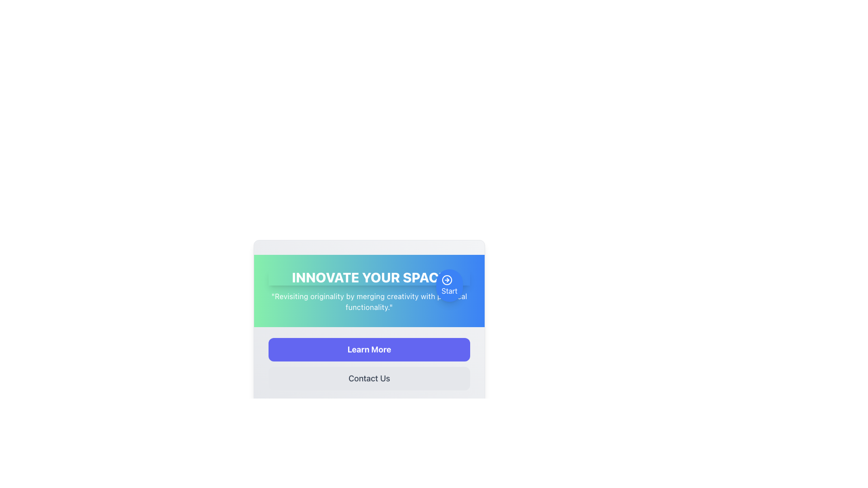 Image resolution: width=868 pixels, height=488 pixels. What do you see at coordinates (369, 349) in the screenshot?
I see `the navigation button located above the 'Contact Us' button to observe the hover effect` at bounding box center [369, 349].